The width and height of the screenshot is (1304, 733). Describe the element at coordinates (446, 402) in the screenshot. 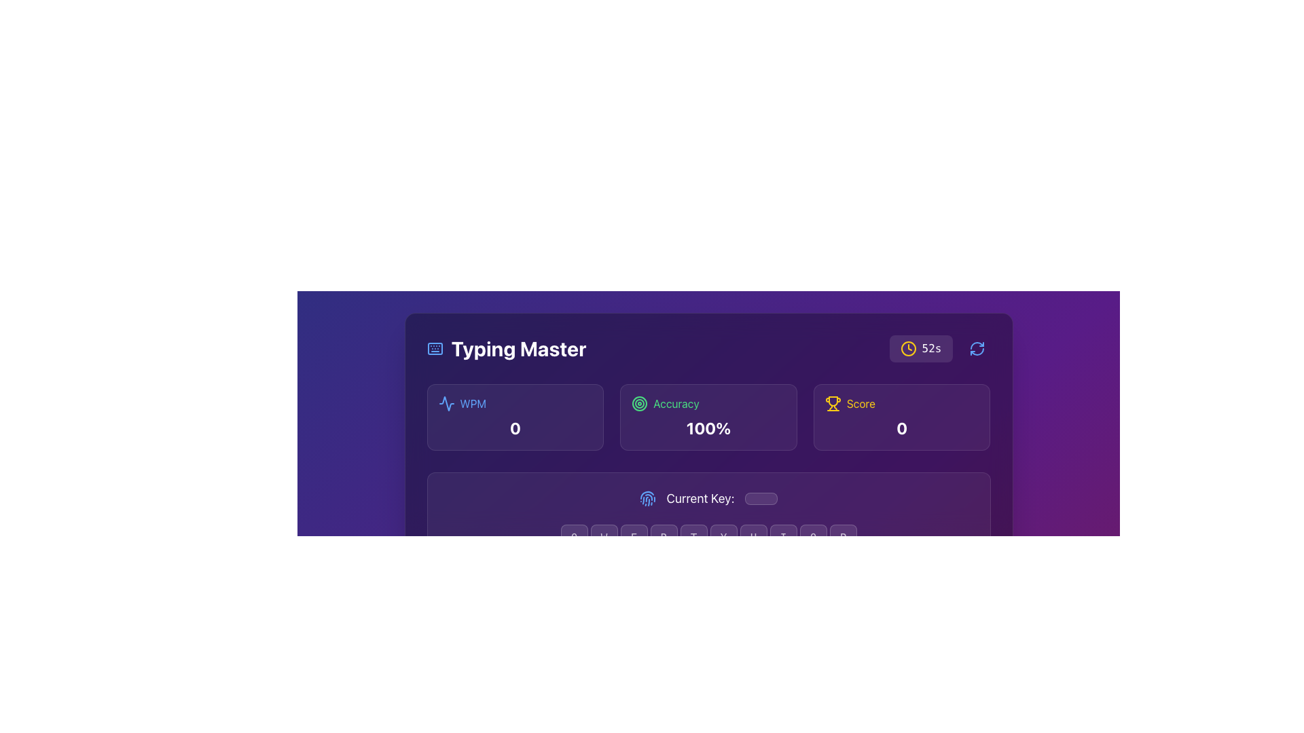

I see `the decorative icon representing 'WPM' located to the left of the 'WPM' text and above the numeric display` at that location.